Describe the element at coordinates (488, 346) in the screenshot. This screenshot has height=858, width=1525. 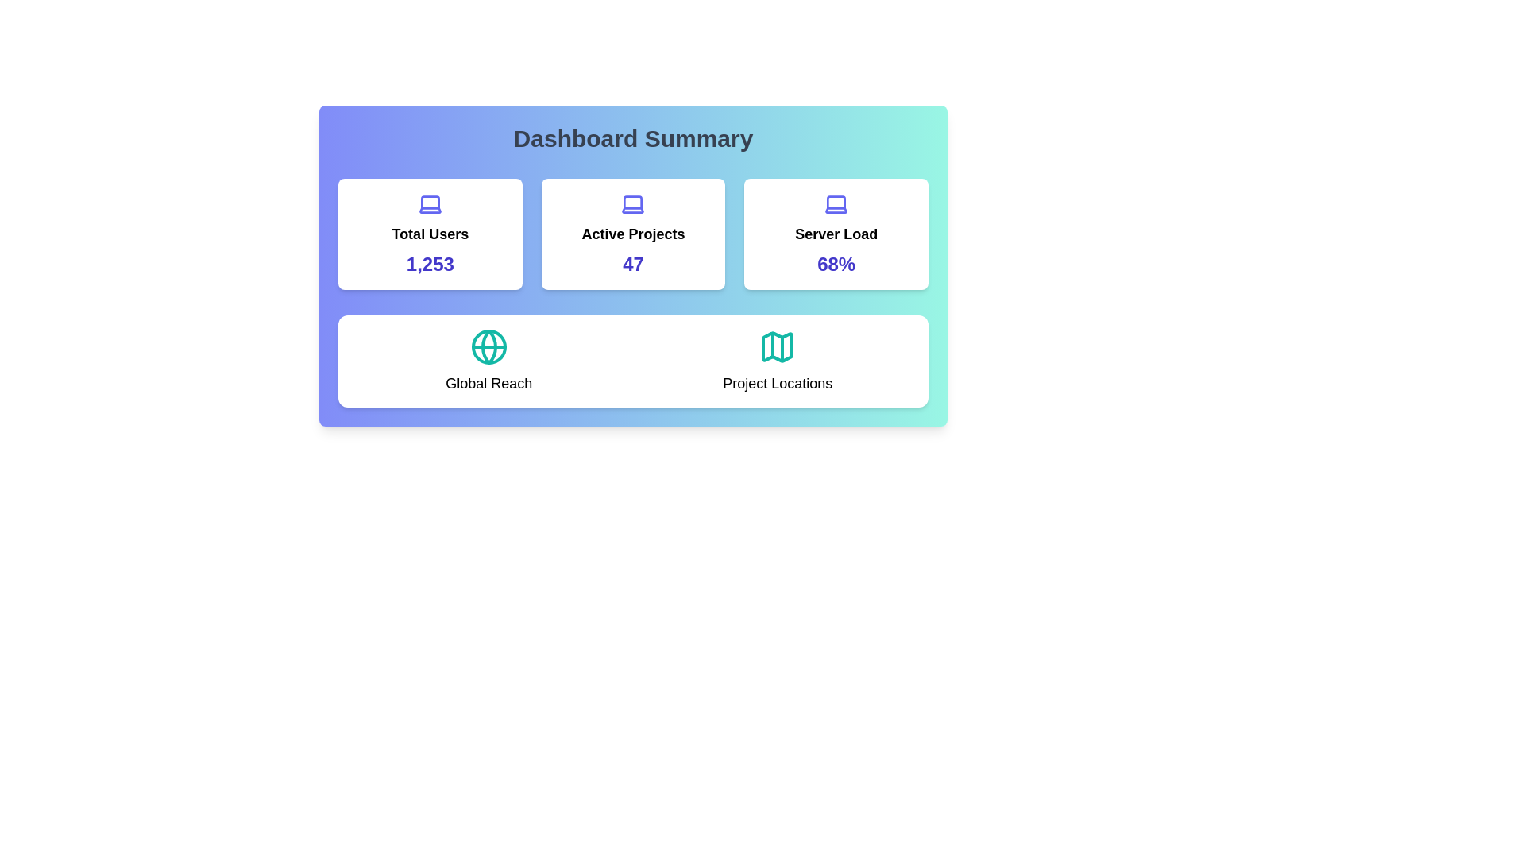
I see `the outer circular component of the globe icon, which symbolizes global coverage, located on the left side of the bottom row of the dashboard above the 'Global Reach' label` at that location.